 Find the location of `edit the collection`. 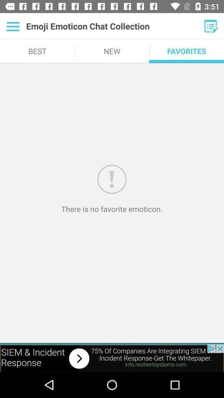

edit the collection is located at coordinates (211, 26).